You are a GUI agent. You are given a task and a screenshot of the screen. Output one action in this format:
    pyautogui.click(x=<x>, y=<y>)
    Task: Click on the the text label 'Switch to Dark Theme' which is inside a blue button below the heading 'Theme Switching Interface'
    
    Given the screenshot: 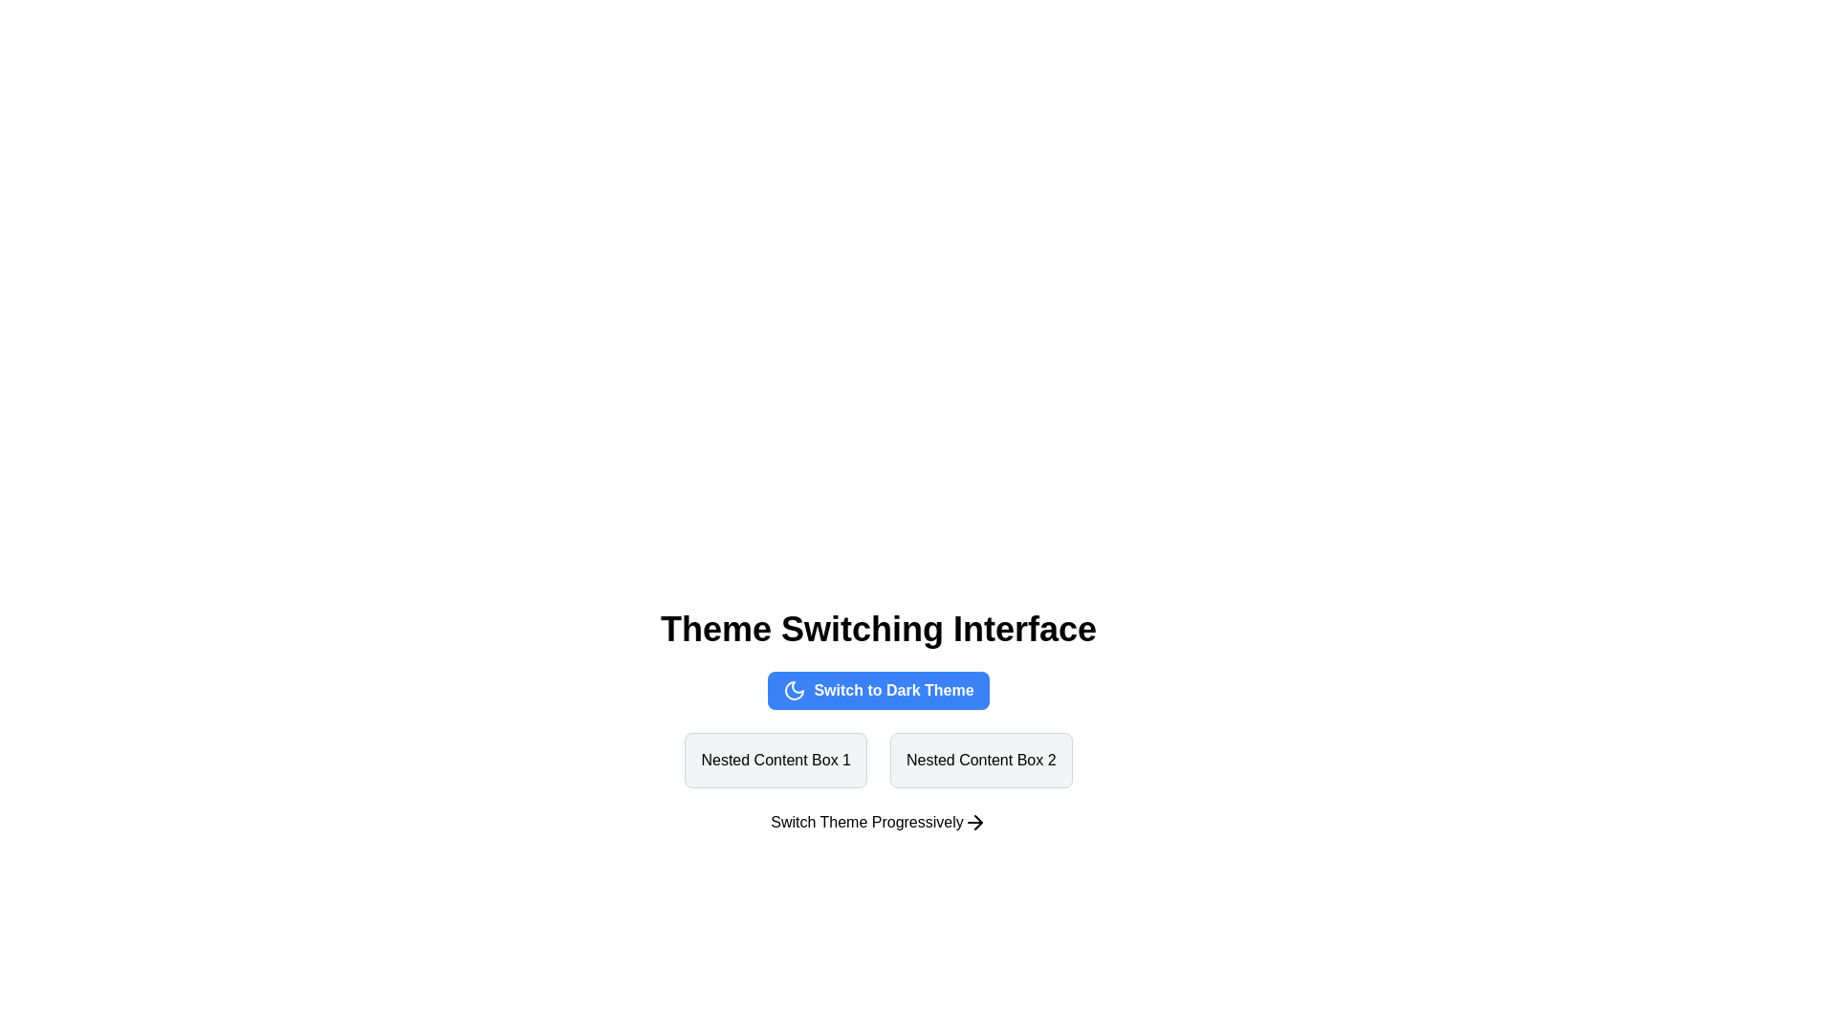 What is the action you would take?
    pyautogui.click(x=893, y=690)
    